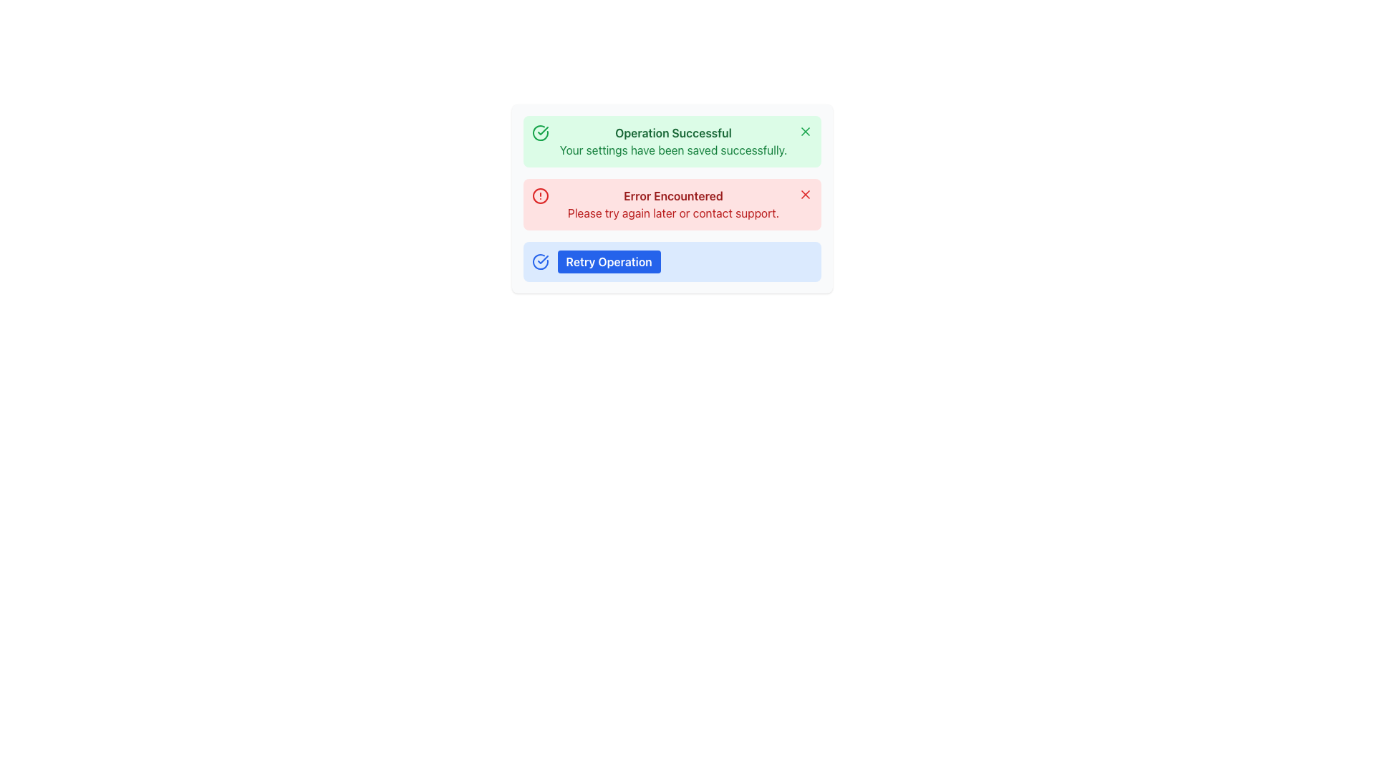 The height and width of the screenshot is (773, 1375). Describe the element at coordinates (672, 195) in the screenshot. I see `the static text element that displays a warning or error message, located in the middle section of the notification group, within a light red notification box` at that location.